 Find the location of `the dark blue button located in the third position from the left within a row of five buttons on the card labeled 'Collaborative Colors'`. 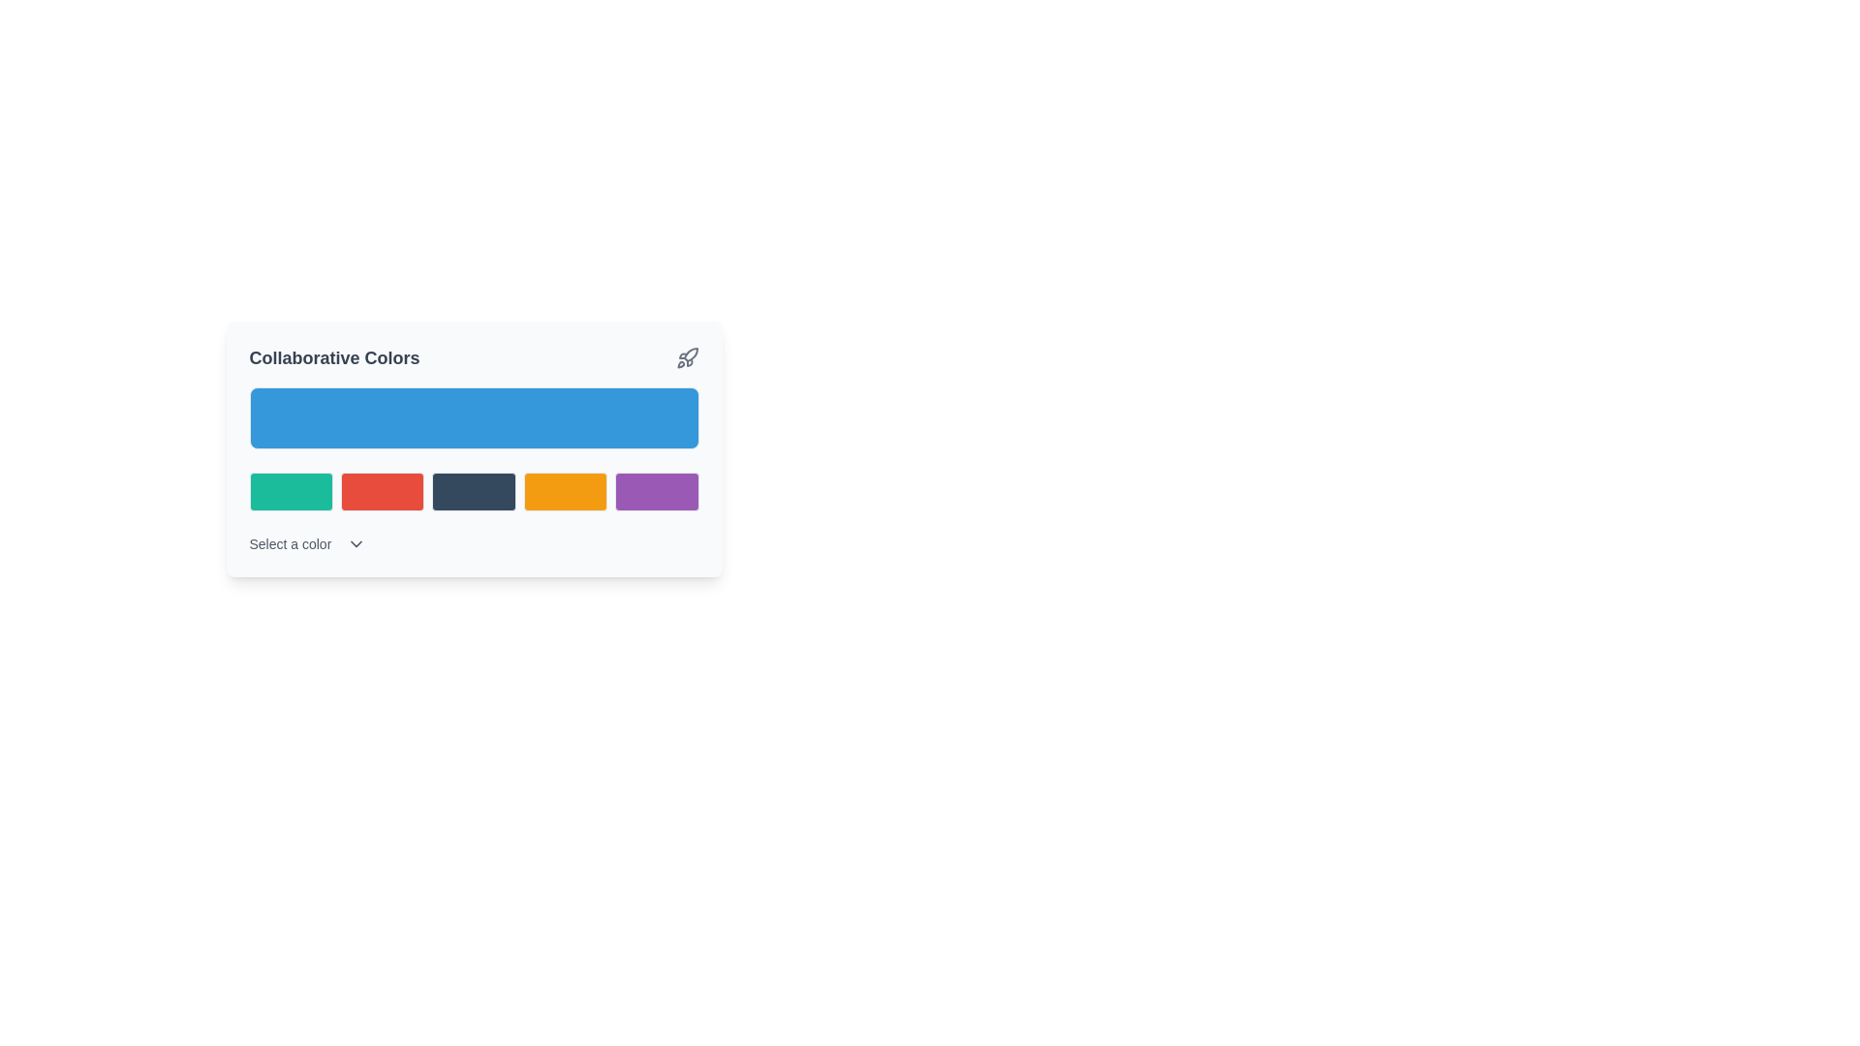

the dark blue button located in the third position from the left within a row of five buttons on the card labeled 'Collaborative Colors' is located at coordinates (474, 491).